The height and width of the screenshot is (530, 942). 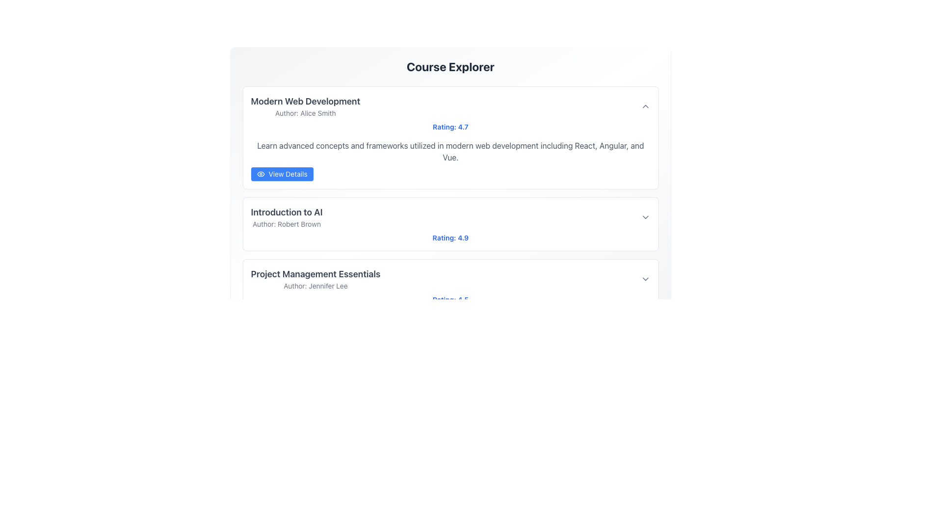 I want to click on the button at the far right of the header section for the course titled 'Modern Web Development' by 'Alice Smith', so click(x=645, y=106).